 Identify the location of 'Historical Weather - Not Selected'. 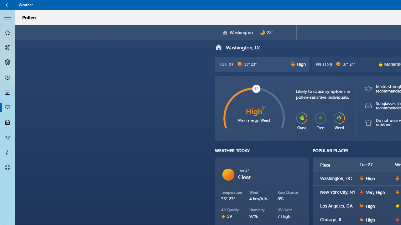
(8, 137).